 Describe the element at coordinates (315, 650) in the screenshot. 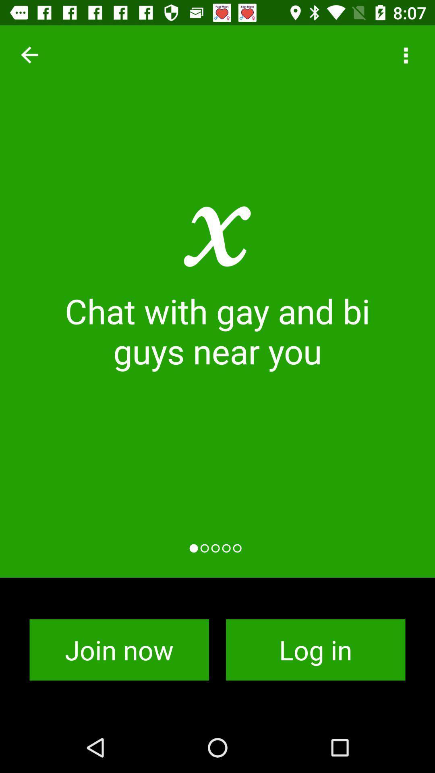

I see `the app next to the join now item` at that location.